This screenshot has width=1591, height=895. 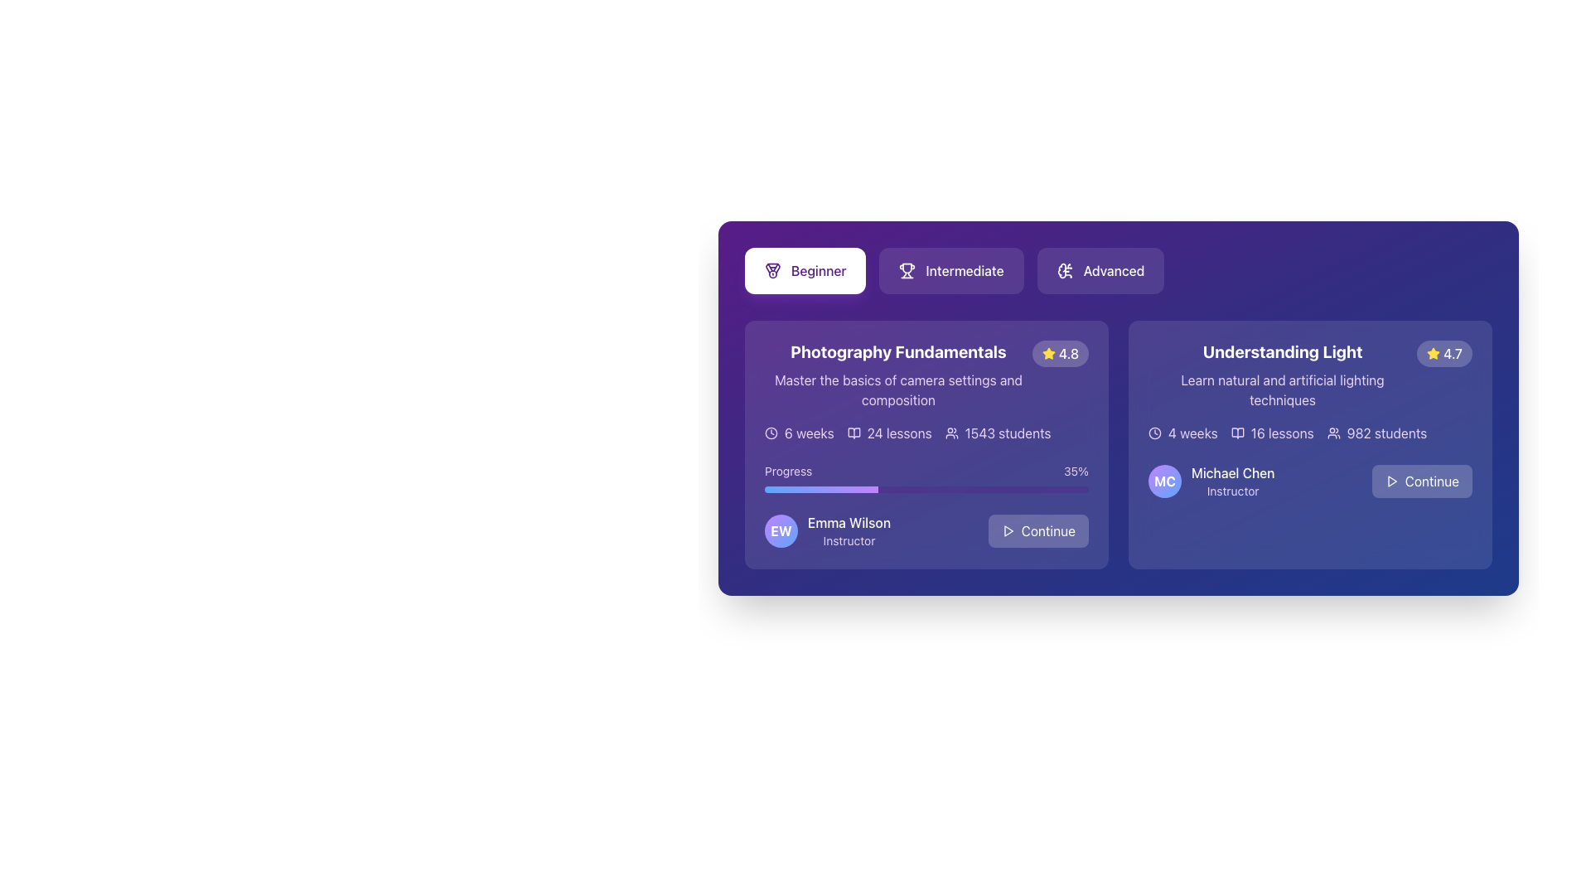 What do you see at coordinates (854, 433) in the screenshot?
I see `the small icon representing an open book located within the purple card labeled 'Photography Fundamentals' towards the bottom-left corner, aligned left to the text '24 lessons'` at bounding box center [854, 433].